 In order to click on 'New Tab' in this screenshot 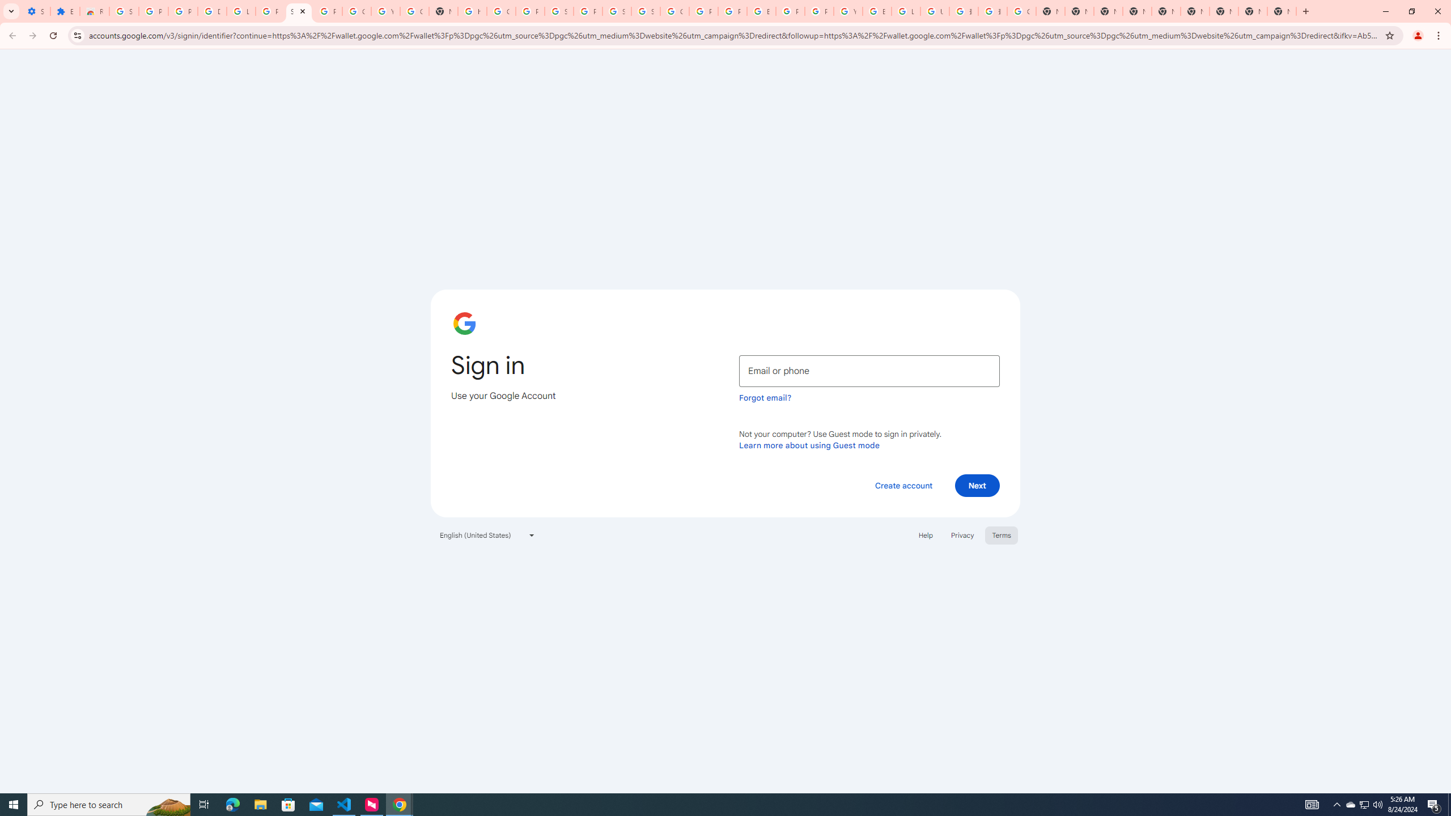, I will do `click(1224, 11)`.